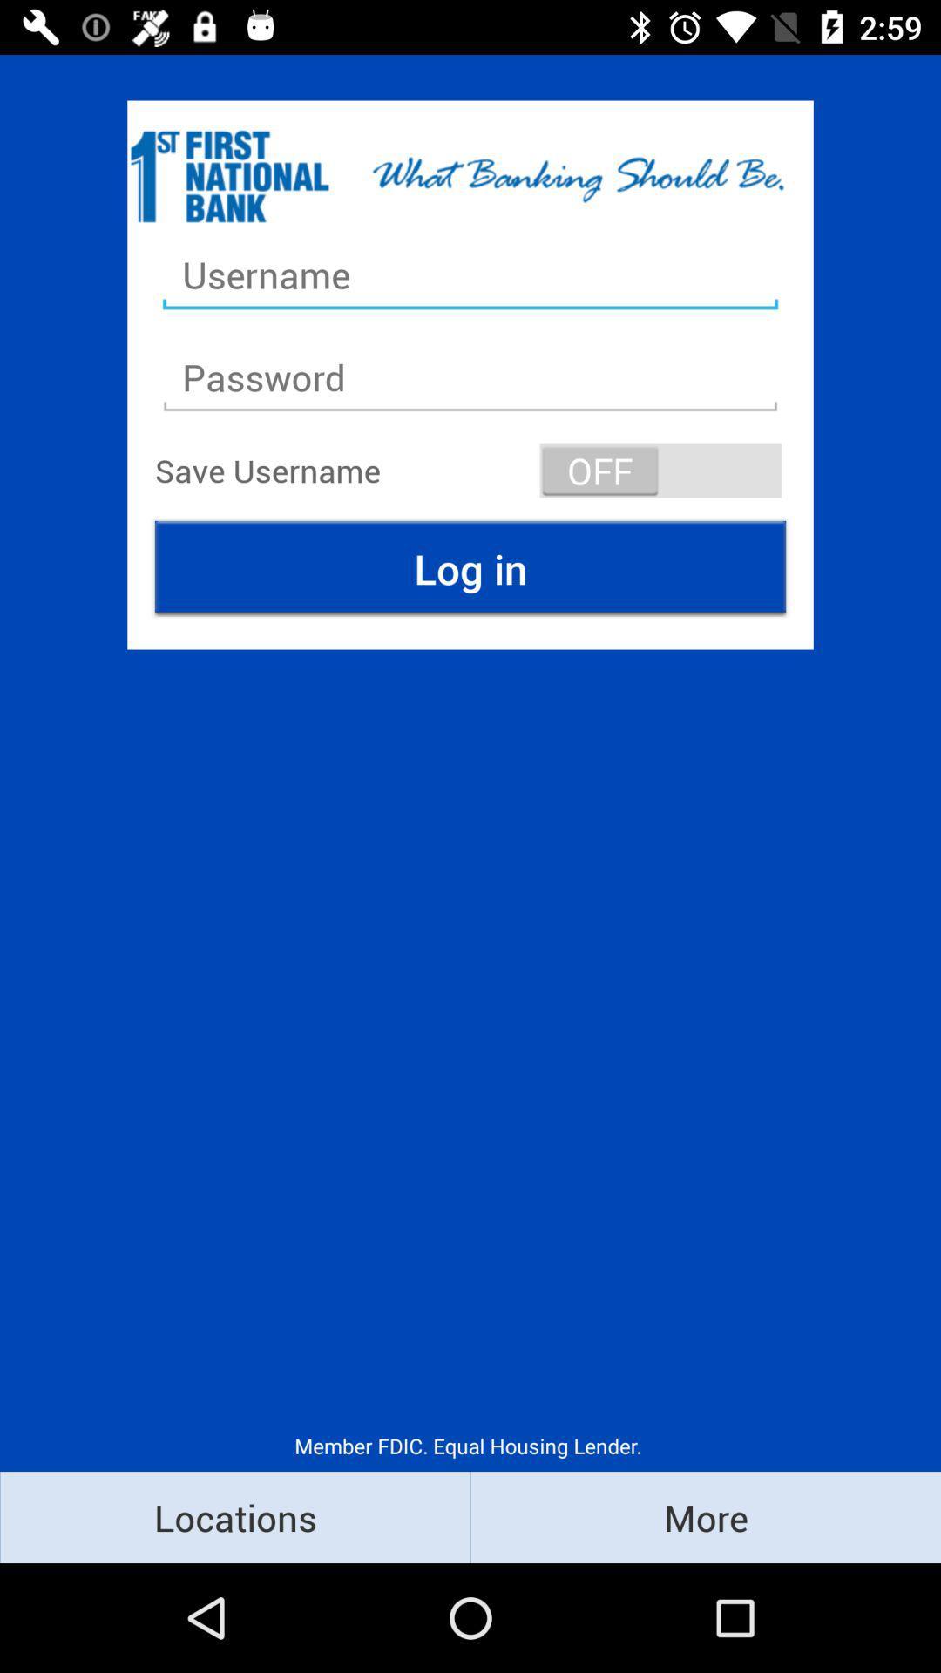  Describe the element at coordinates (706, 1516) in the screenshot. I see `icon below member fdic equal icon` at that location.